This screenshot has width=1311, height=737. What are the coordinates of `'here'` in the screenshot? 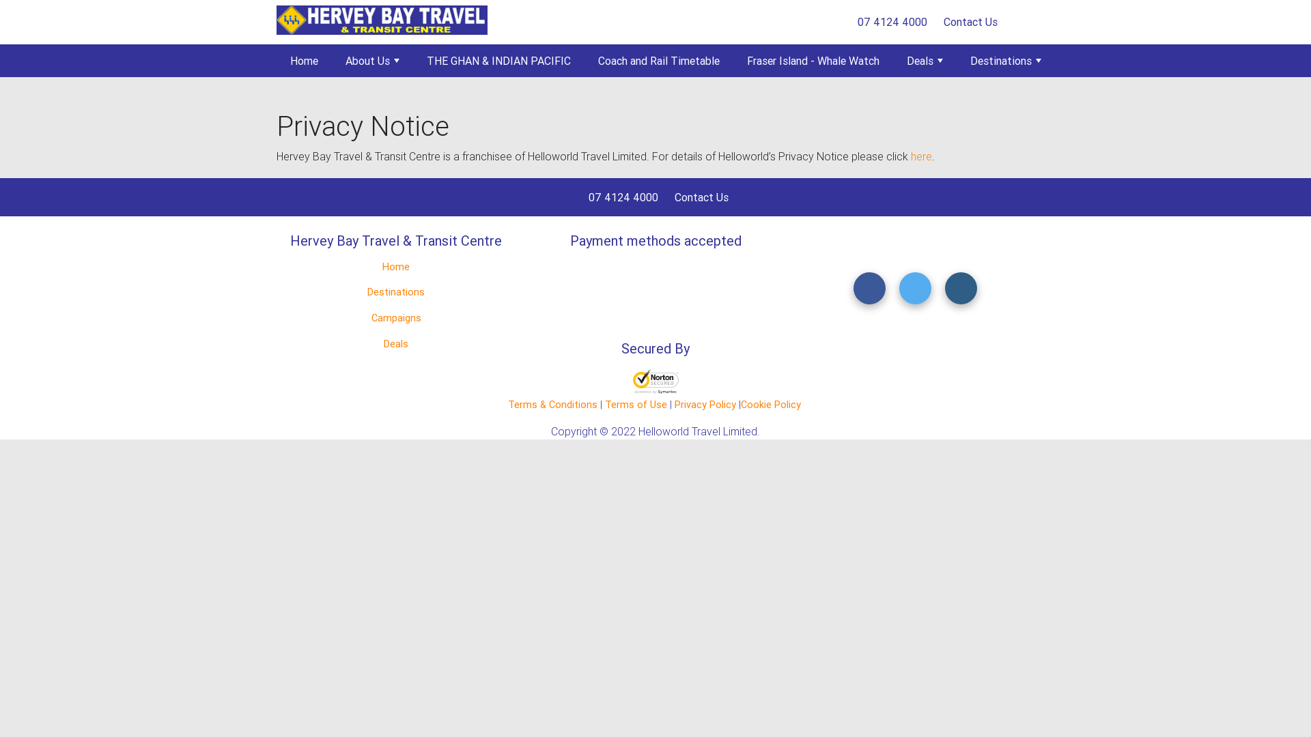 It's located at (921, 155).